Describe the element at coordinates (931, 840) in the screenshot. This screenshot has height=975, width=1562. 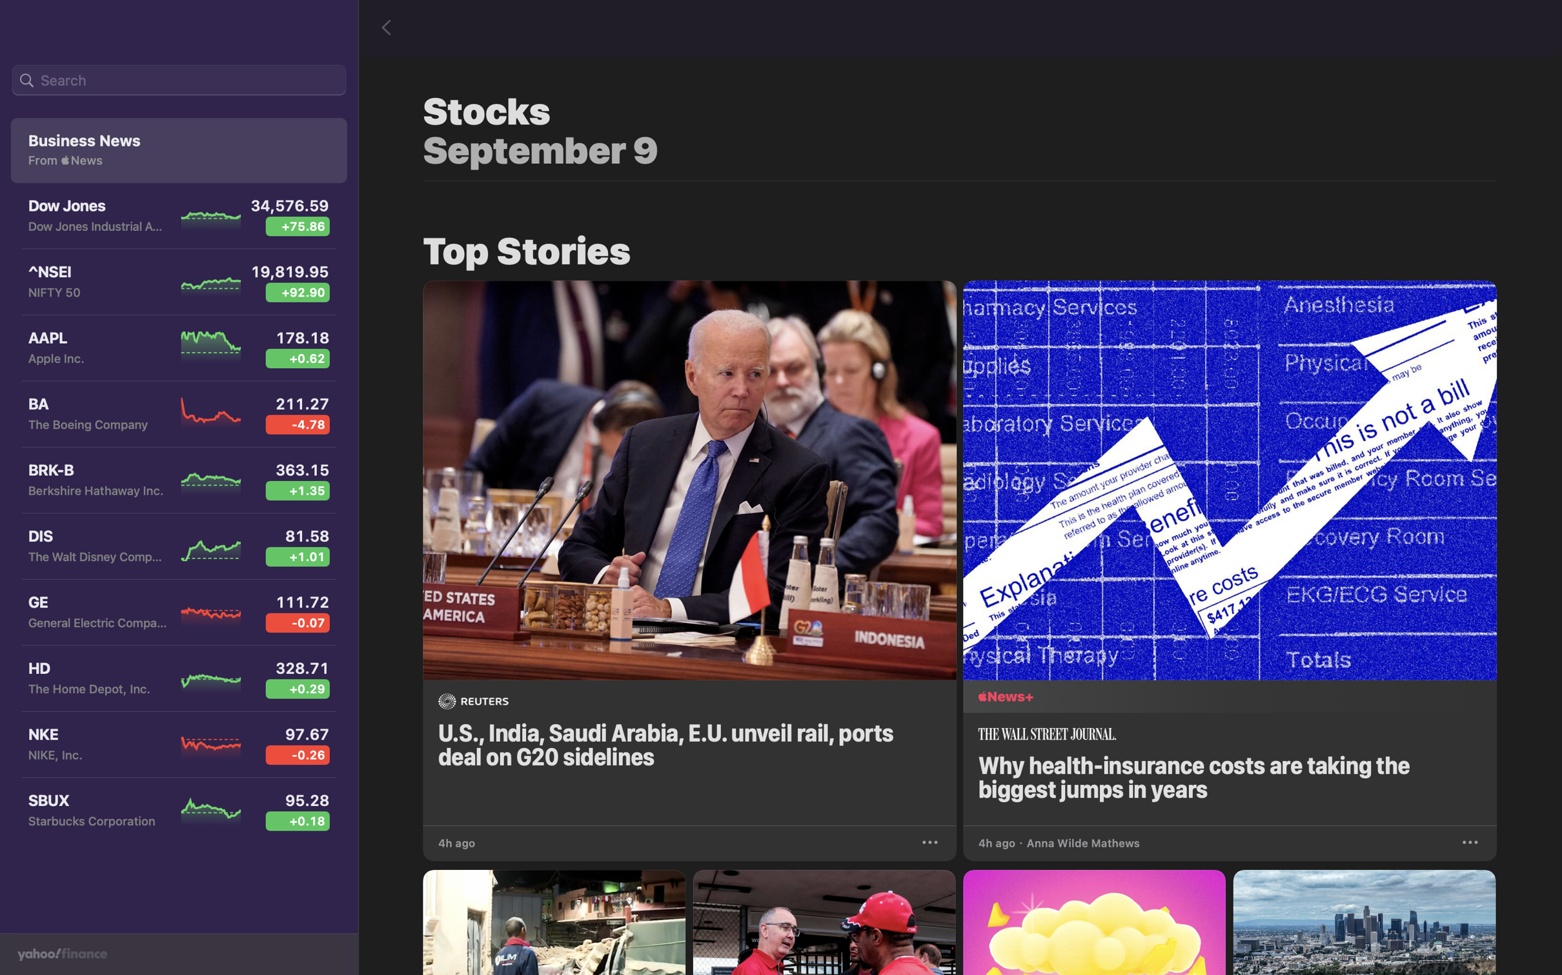
I see `Preserve the G20 news article` at that location.